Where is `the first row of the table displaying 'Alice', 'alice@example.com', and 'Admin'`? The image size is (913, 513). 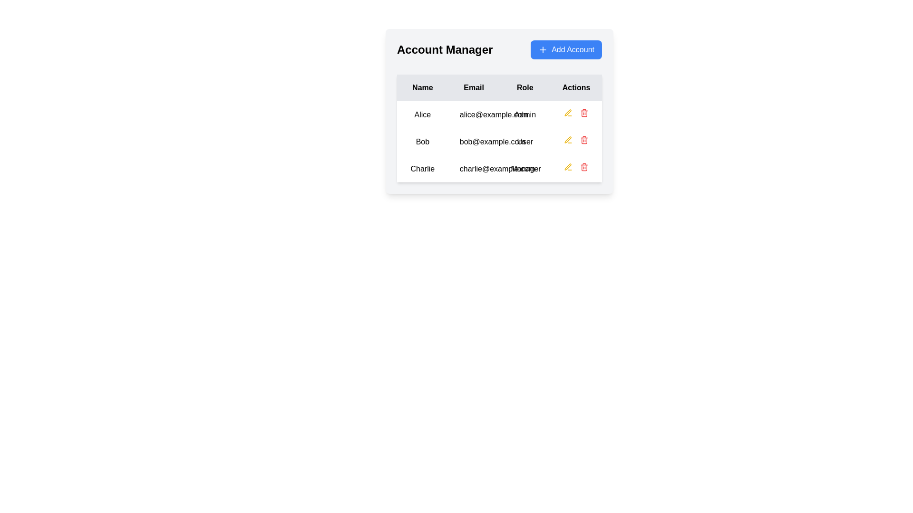 the first row of the table displaying 'Alice', 'alice@example.com', and 'Admin' is located at coordinates (499, 114).